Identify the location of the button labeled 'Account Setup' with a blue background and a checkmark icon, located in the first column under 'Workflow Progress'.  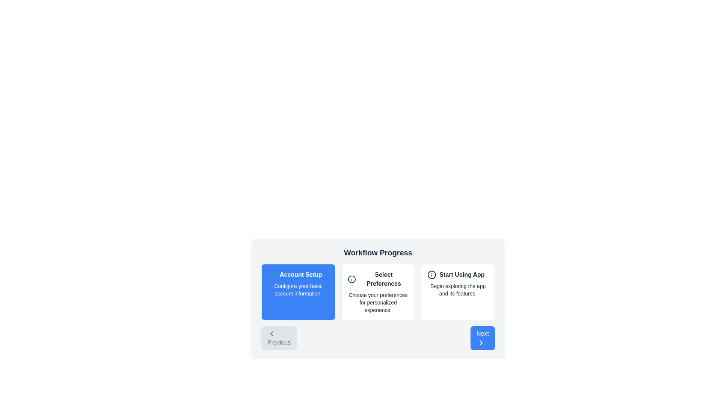
(298, 292).